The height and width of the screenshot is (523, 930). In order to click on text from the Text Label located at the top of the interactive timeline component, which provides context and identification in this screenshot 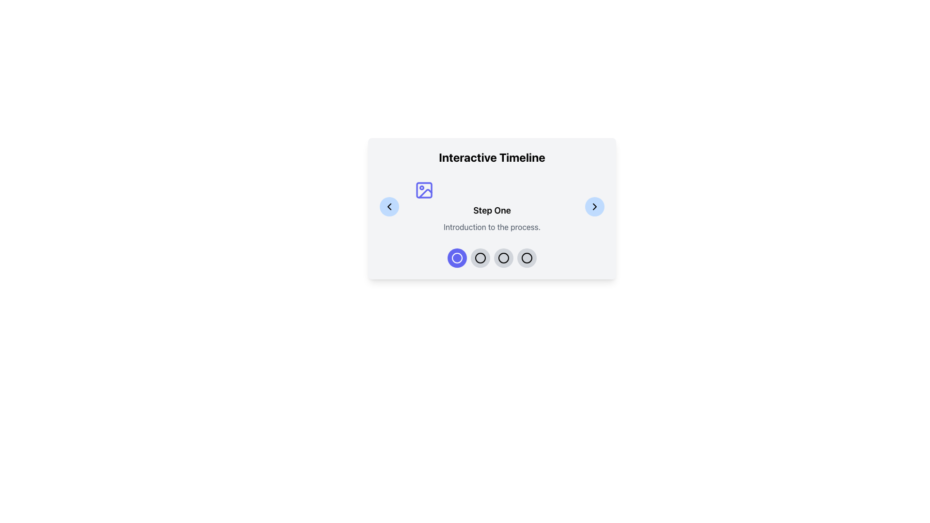, I will do `click(492, 156)`.